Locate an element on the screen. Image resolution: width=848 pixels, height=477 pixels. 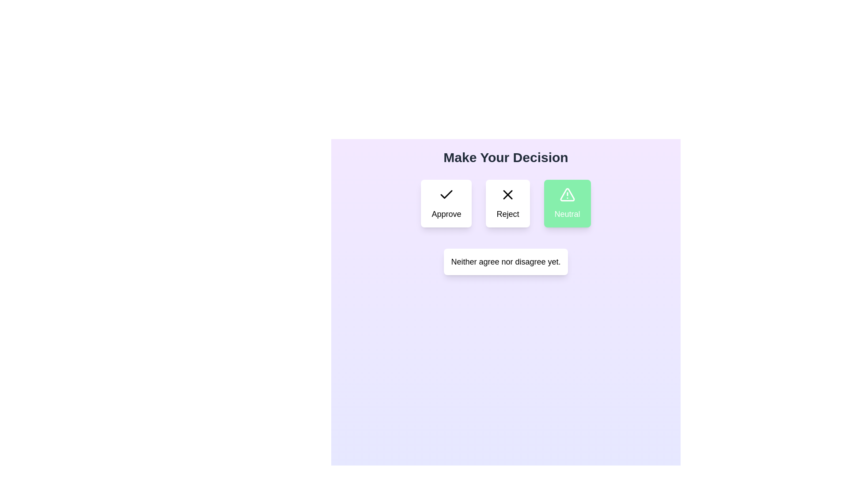
the button labeled Reject to observe its visual effect is located at coordinates (508, 204).